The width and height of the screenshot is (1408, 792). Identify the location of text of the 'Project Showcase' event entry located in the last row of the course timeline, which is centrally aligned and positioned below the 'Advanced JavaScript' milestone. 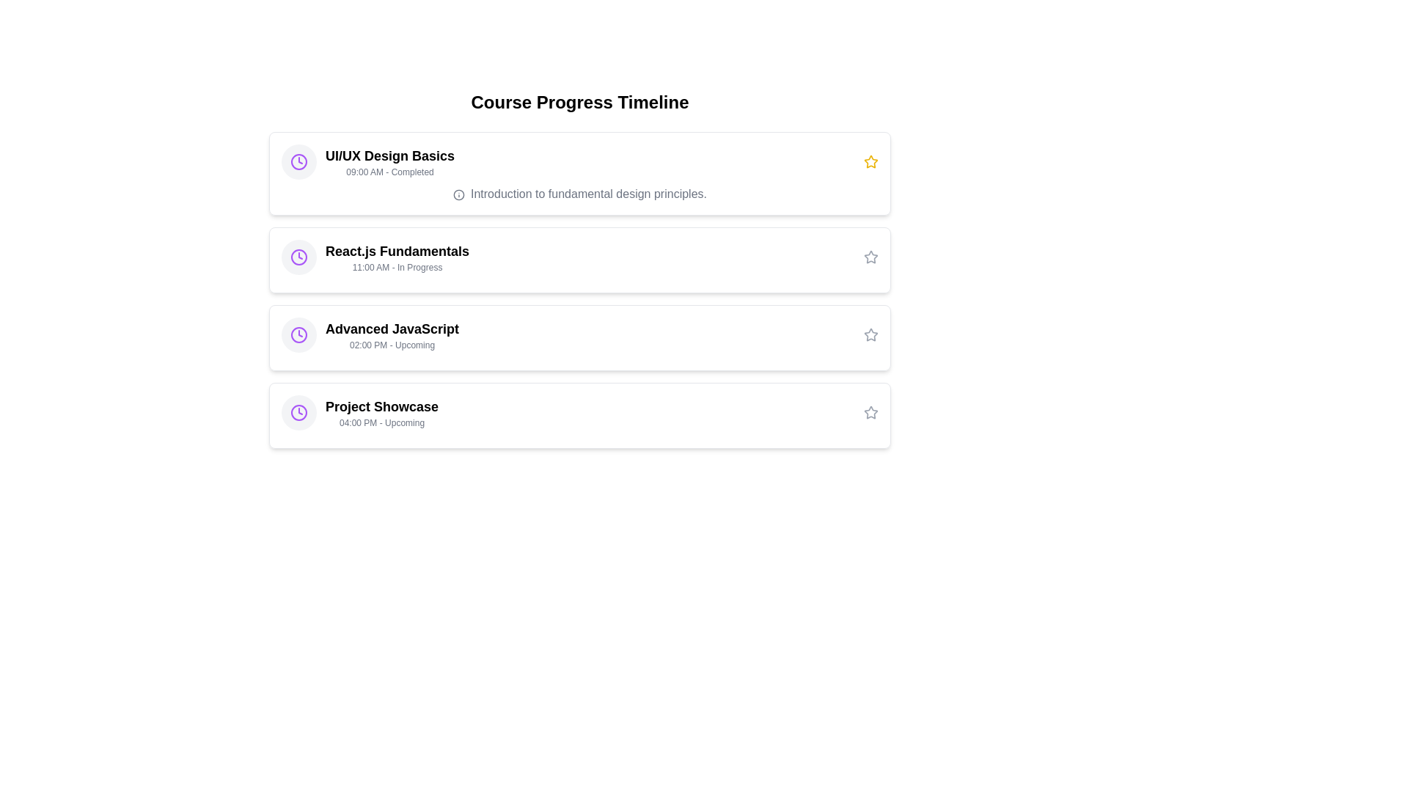
(360, 413).